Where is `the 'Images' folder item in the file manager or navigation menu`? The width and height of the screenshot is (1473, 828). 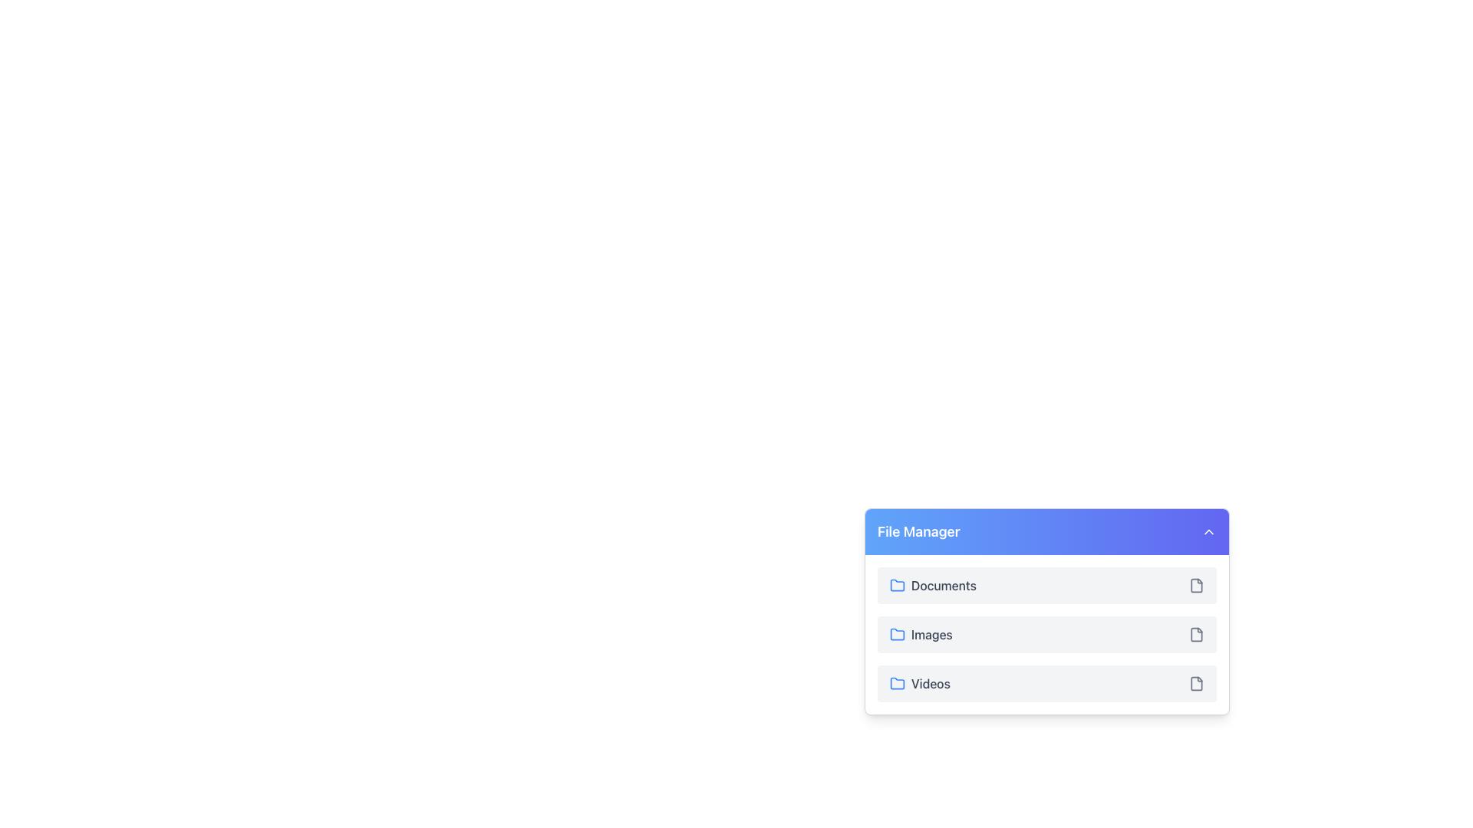
the 'Images' folder item in the file manager or navigation menu is located at coordinates (921, 635).